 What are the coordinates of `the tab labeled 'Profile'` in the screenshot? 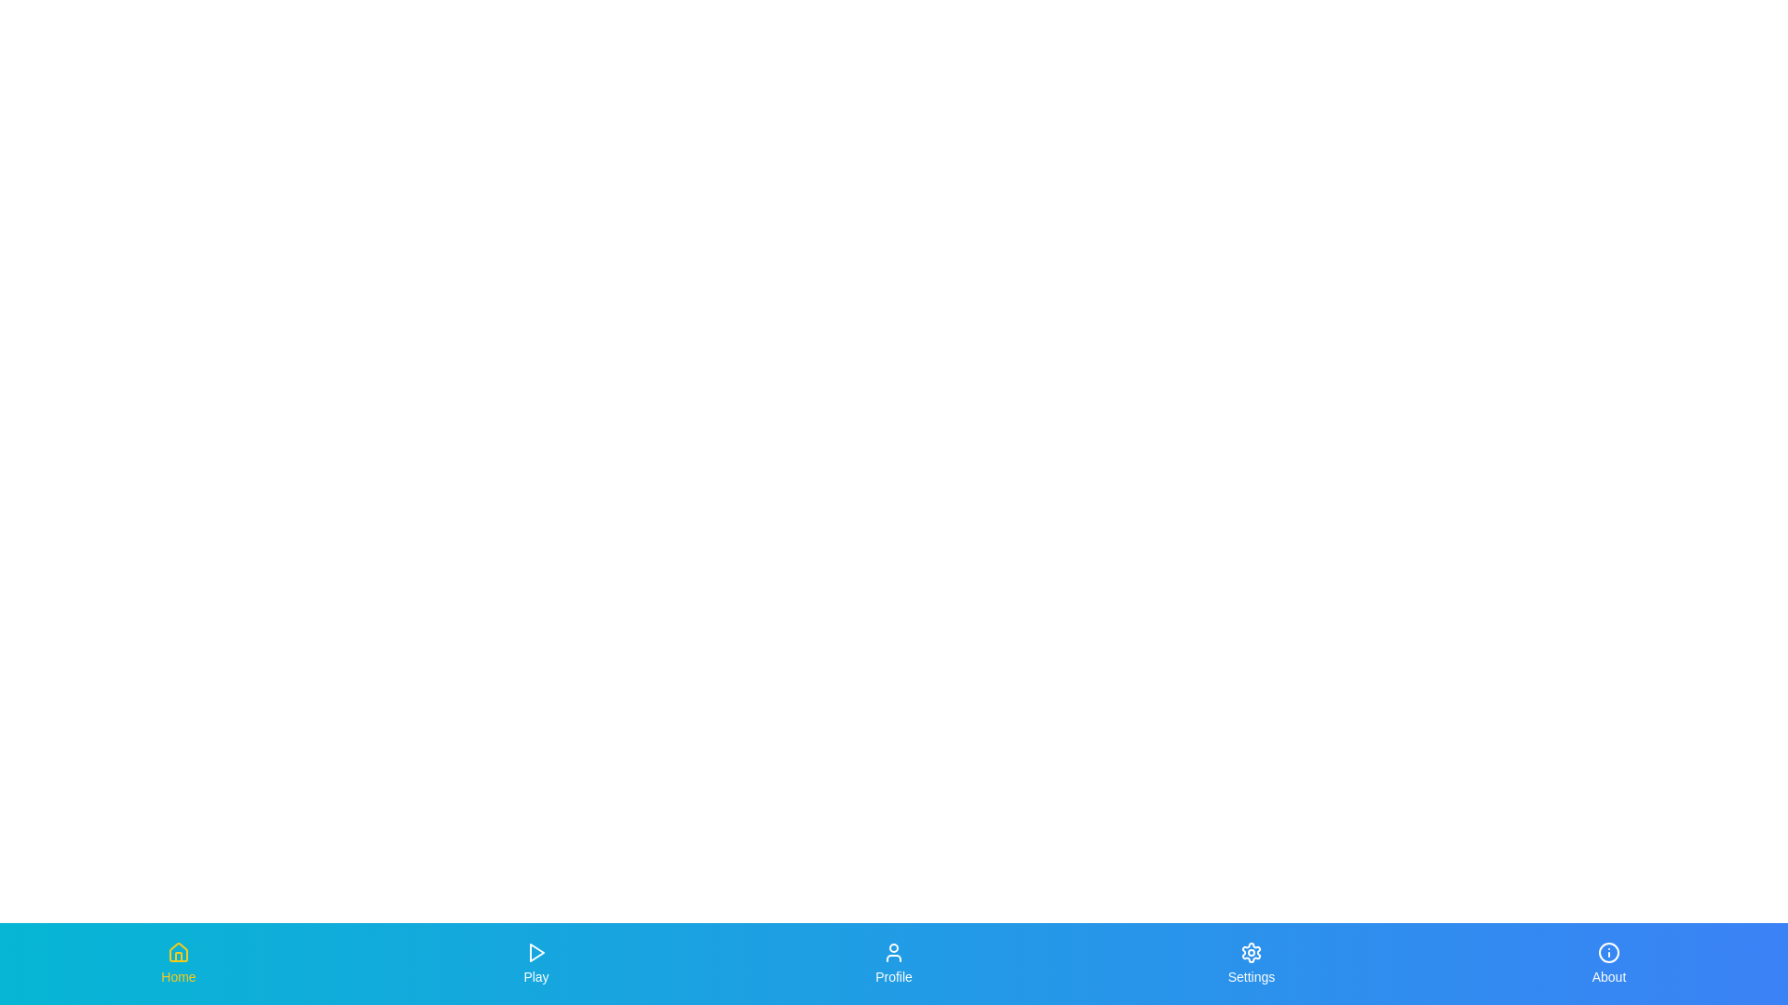 It's located at (894, 963).